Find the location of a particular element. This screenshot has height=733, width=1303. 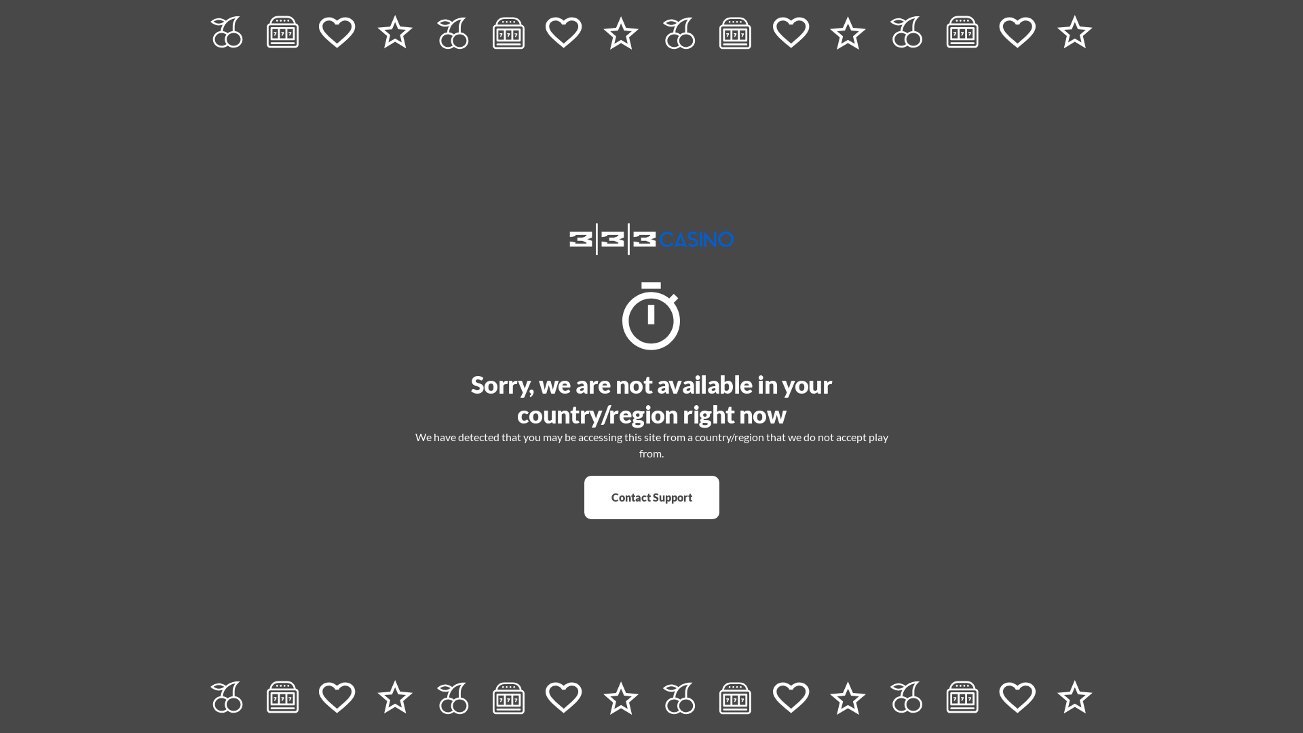

'Contact Support' is located at coordinates (650, 497).